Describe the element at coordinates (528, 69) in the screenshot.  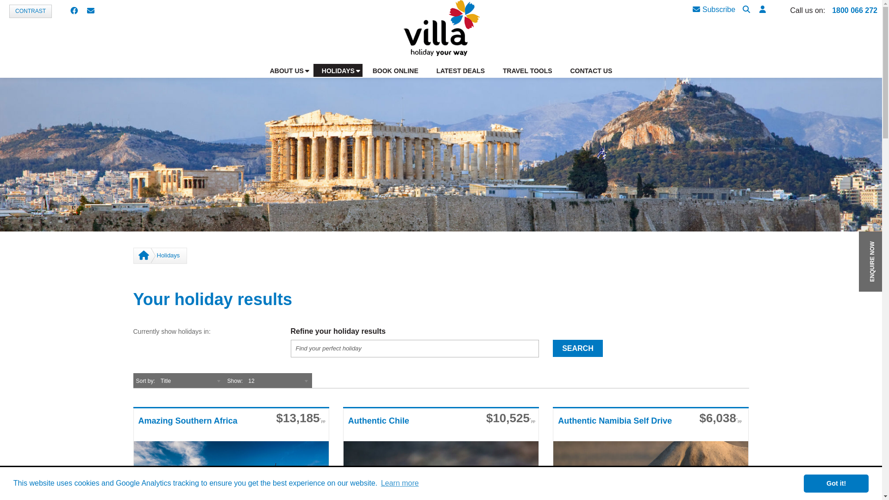
I see `'TRAVEL TOOLS'` at that location.